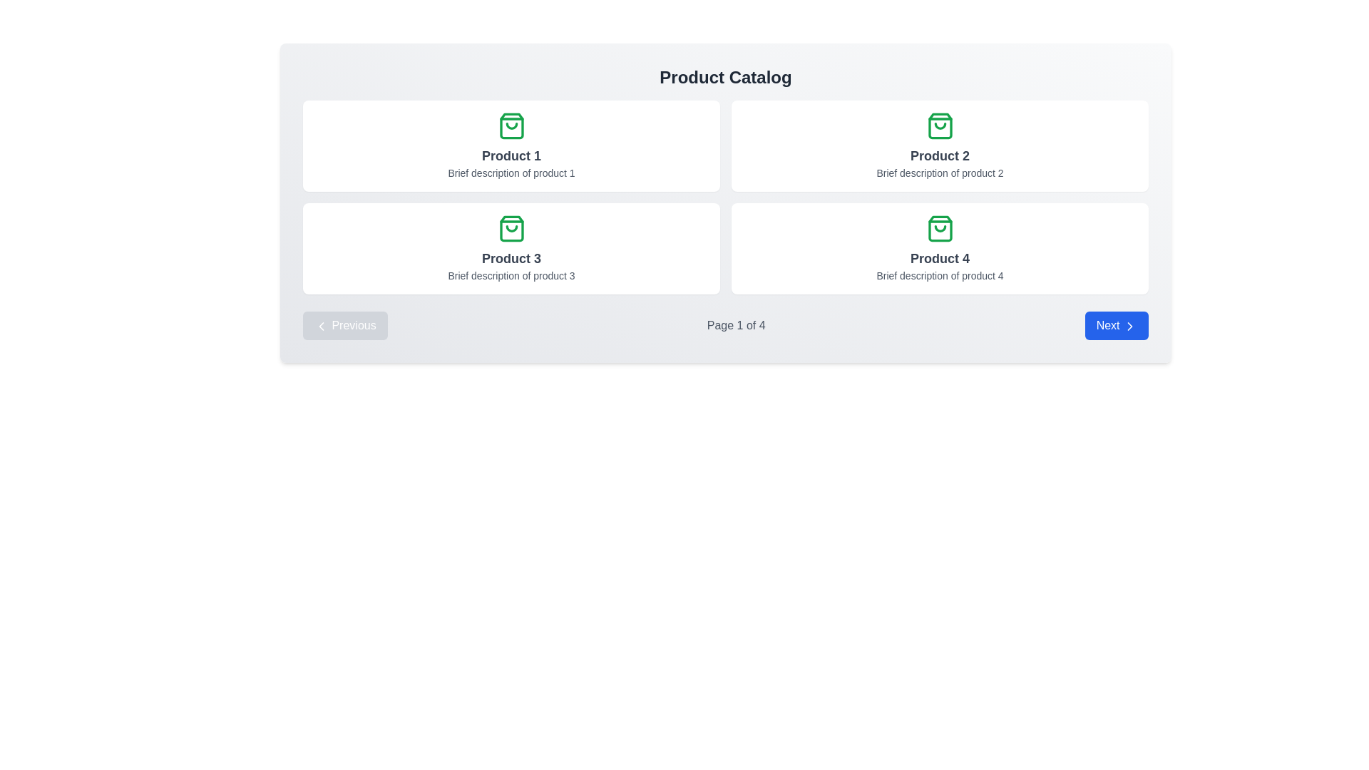 Image resolution: width=1369 pixels, height=770 pixels. What do you see at coordinates (1129, 325) in the screenshot?
I see `the icon located at the center-right of the blue 'Next' button, which serves as a visual indicator for proceeding to the next item or page` at bounding box center [1129, 325].